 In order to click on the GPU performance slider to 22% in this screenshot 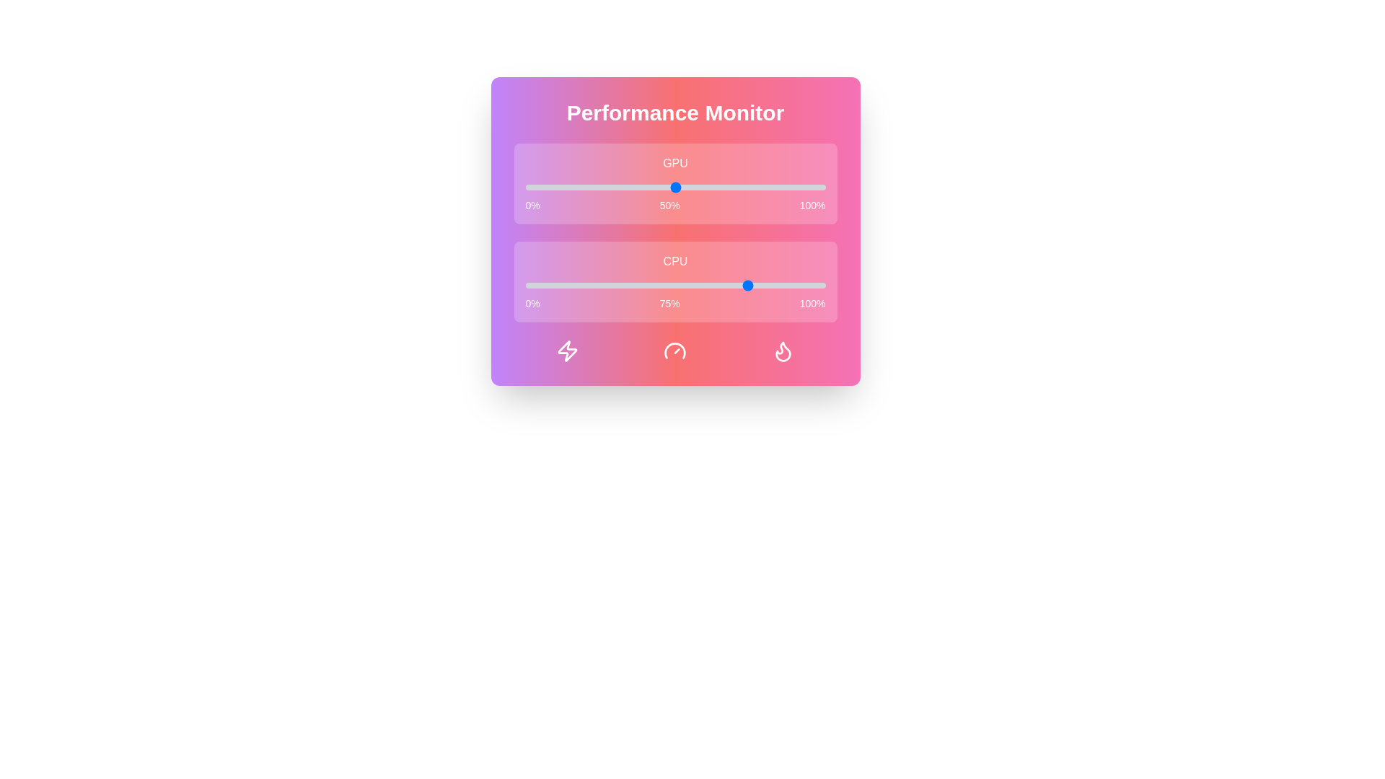, I will do `click(592, 186)`.